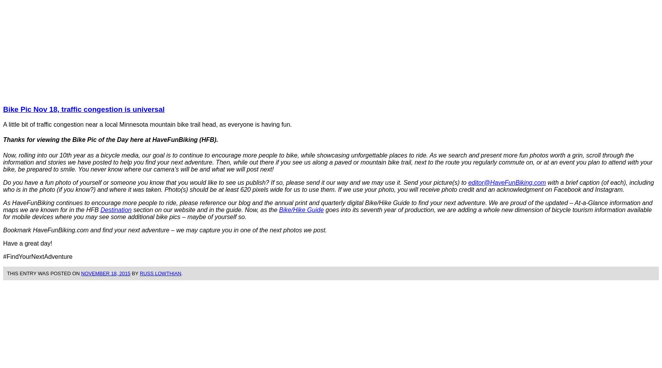 The image size is (662, 368). I want to click on 'A little bit of traffic congestion near a local Minnesota mountain bike trail head, as everyone is having fun.', so click(147, 124).